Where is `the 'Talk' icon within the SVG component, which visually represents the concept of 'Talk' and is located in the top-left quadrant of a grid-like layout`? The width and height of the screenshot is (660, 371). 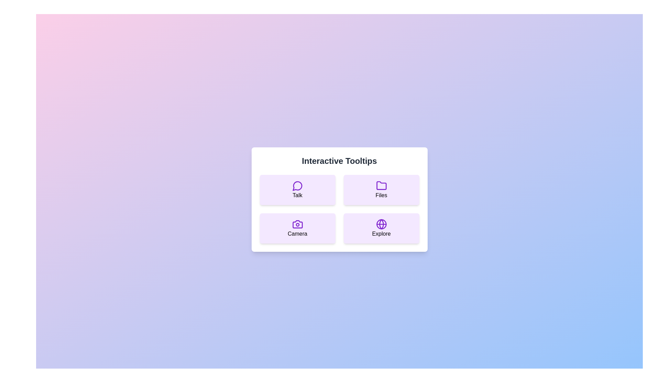
the 'Talk' icon within the SVG component, which visually represents the concept of 'Talk' and is located in the top-left quadrant of a grid-like layout is located at coordinates (297, 186).